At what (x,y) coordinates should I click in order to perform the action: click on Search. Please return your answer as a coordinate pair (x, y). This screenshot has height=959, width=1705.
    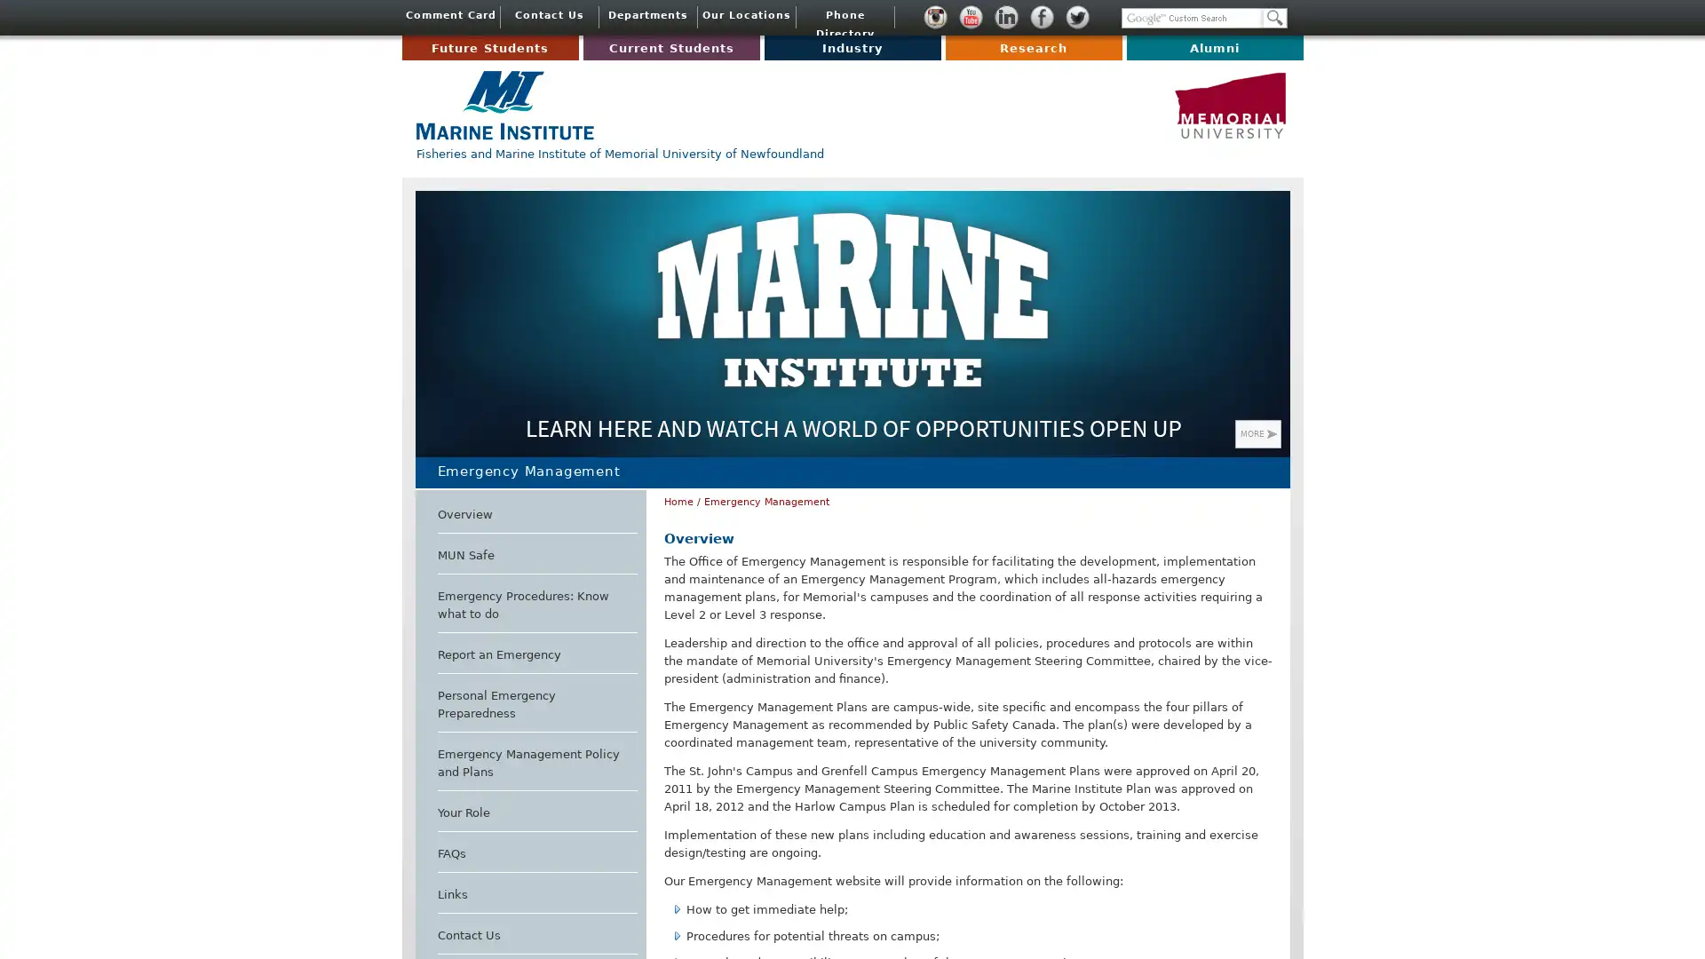
    Looking at the image, I should click on (1273, 18).